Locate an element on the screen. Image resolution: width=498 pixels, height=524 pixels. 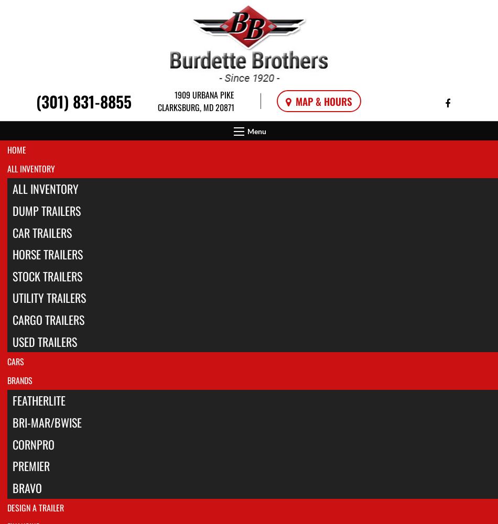
'Used Trailers' is located at coordinates (44, 341).